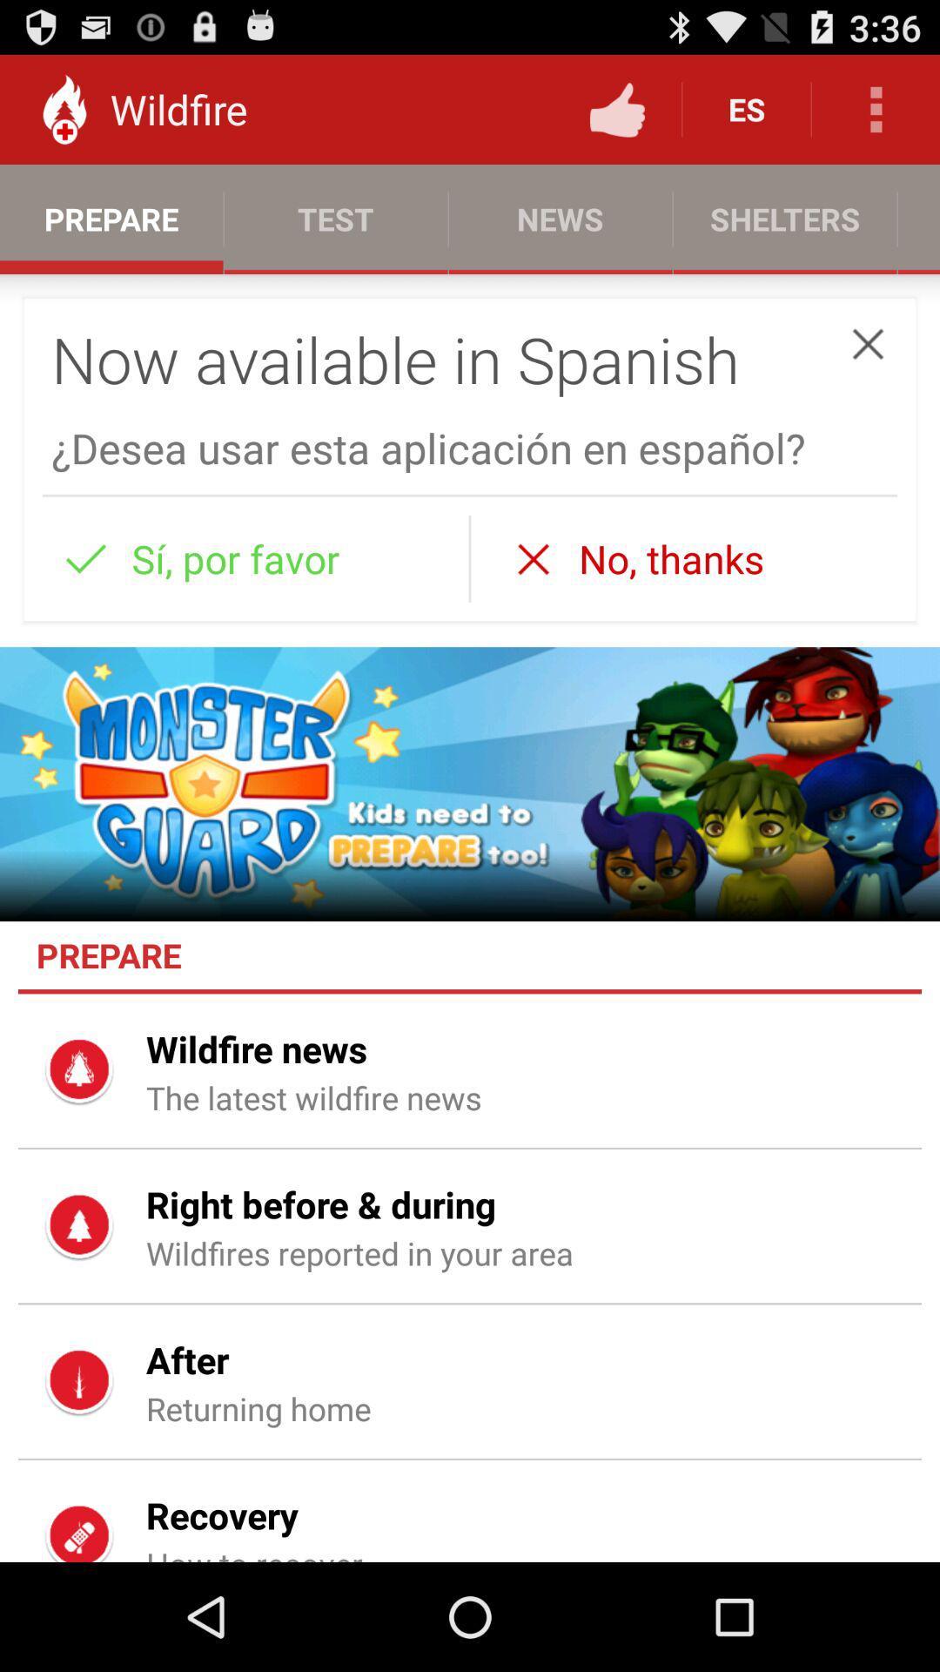 The image size is (940, 1672). I want to click on the tab news on the web page, so click(561, 219).